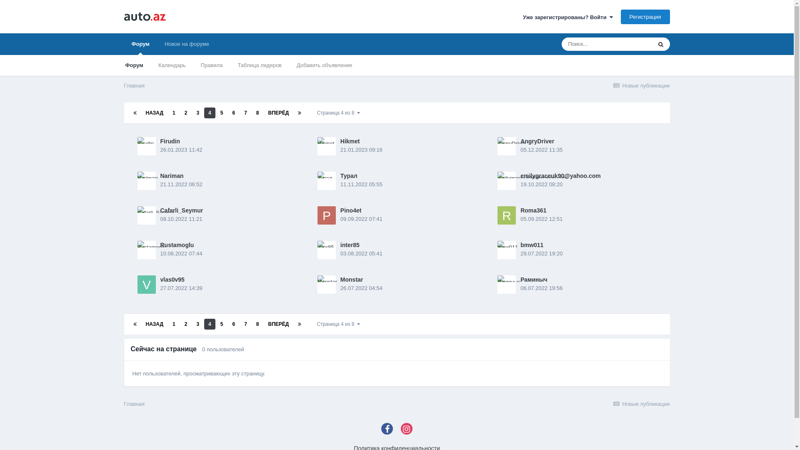  I want to click on '2', so click(185, 112).